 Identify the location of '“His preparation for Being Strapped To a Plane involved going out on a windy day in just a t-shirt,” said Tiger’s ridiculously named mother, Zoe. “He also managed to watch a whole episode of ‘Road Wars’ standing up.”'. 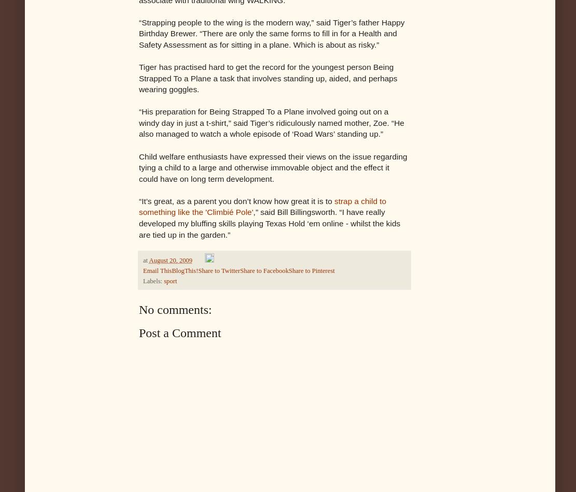
(138, 123).